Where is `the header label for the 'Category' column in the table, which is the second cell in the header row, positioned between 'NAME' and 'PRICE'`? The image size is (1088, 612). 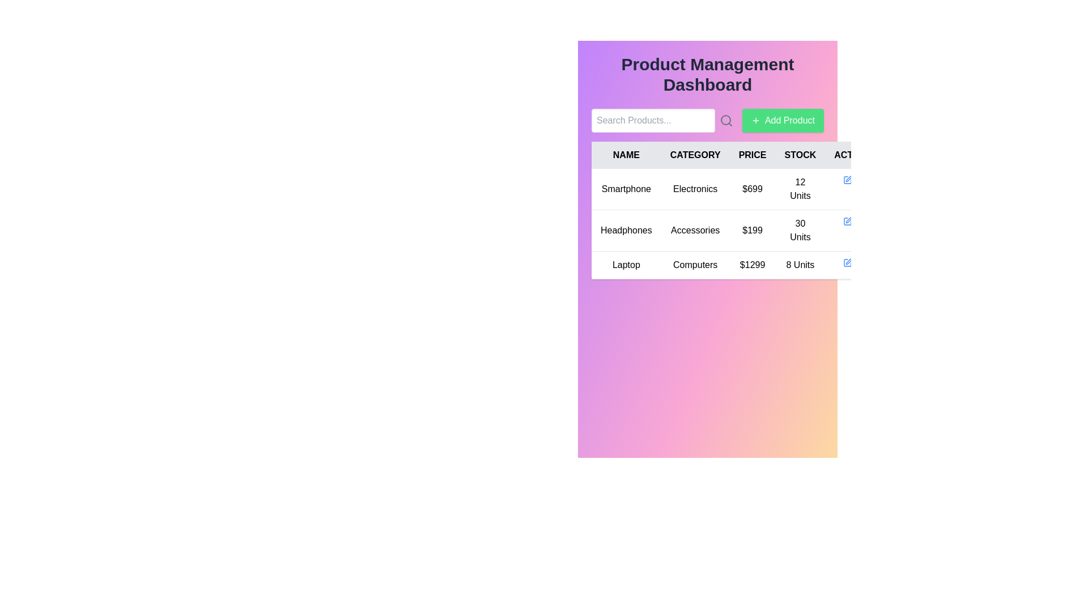 the header label for the 'Category' column in the table, which is the second cell in the header row, positioned between 'NAME' and 'PRICE' is located at coordinates (695, 155).